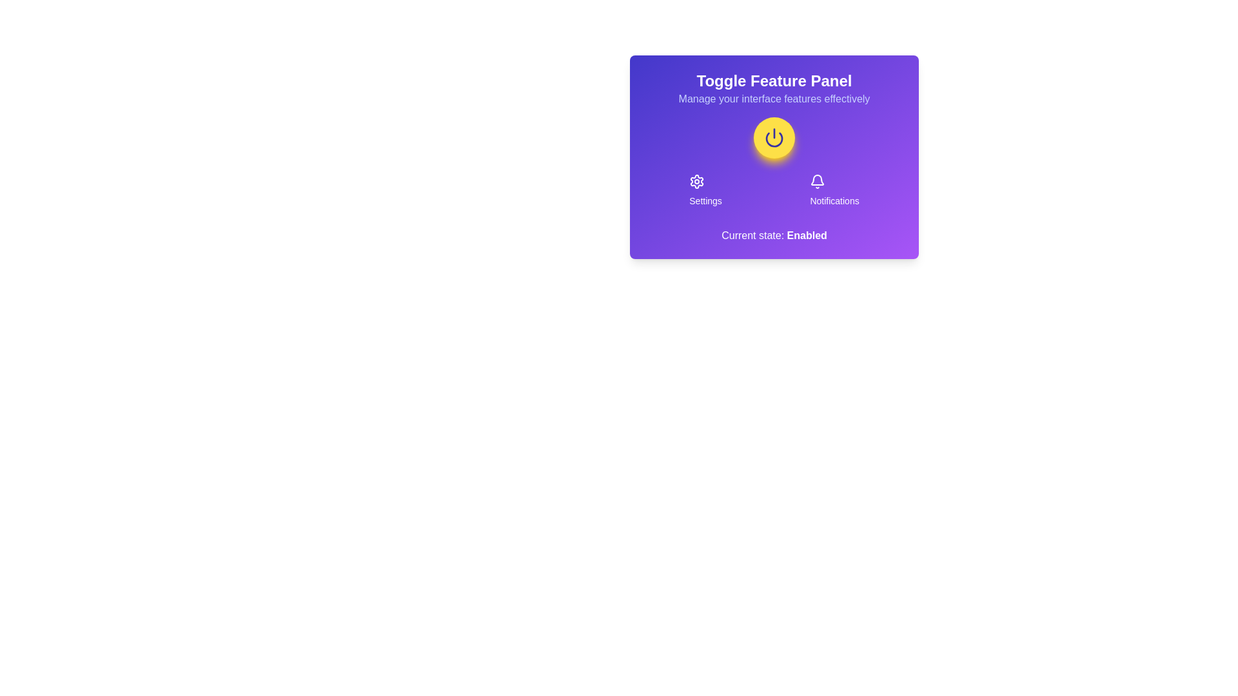  Describe the element at coordinates (696, 181) in the screenshot. I see `the gear icon representing settings, located near the bottom-left corner of the purple panel titled 'Toggle Feature Panel'` at that location.